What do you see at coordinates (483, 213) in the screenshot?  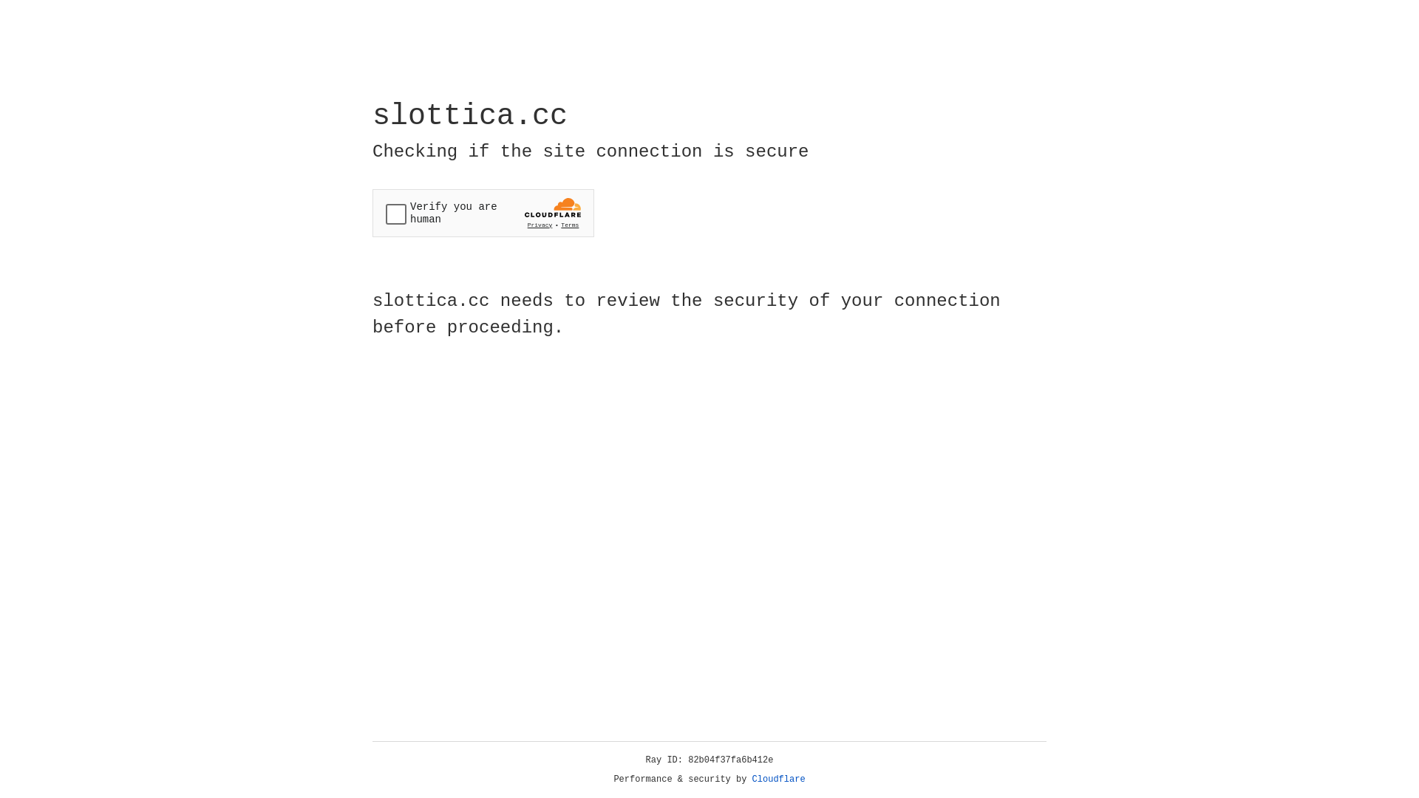 I see `'Widget containing a Cloudflare security challenge'` at bounding box center [483, 213].